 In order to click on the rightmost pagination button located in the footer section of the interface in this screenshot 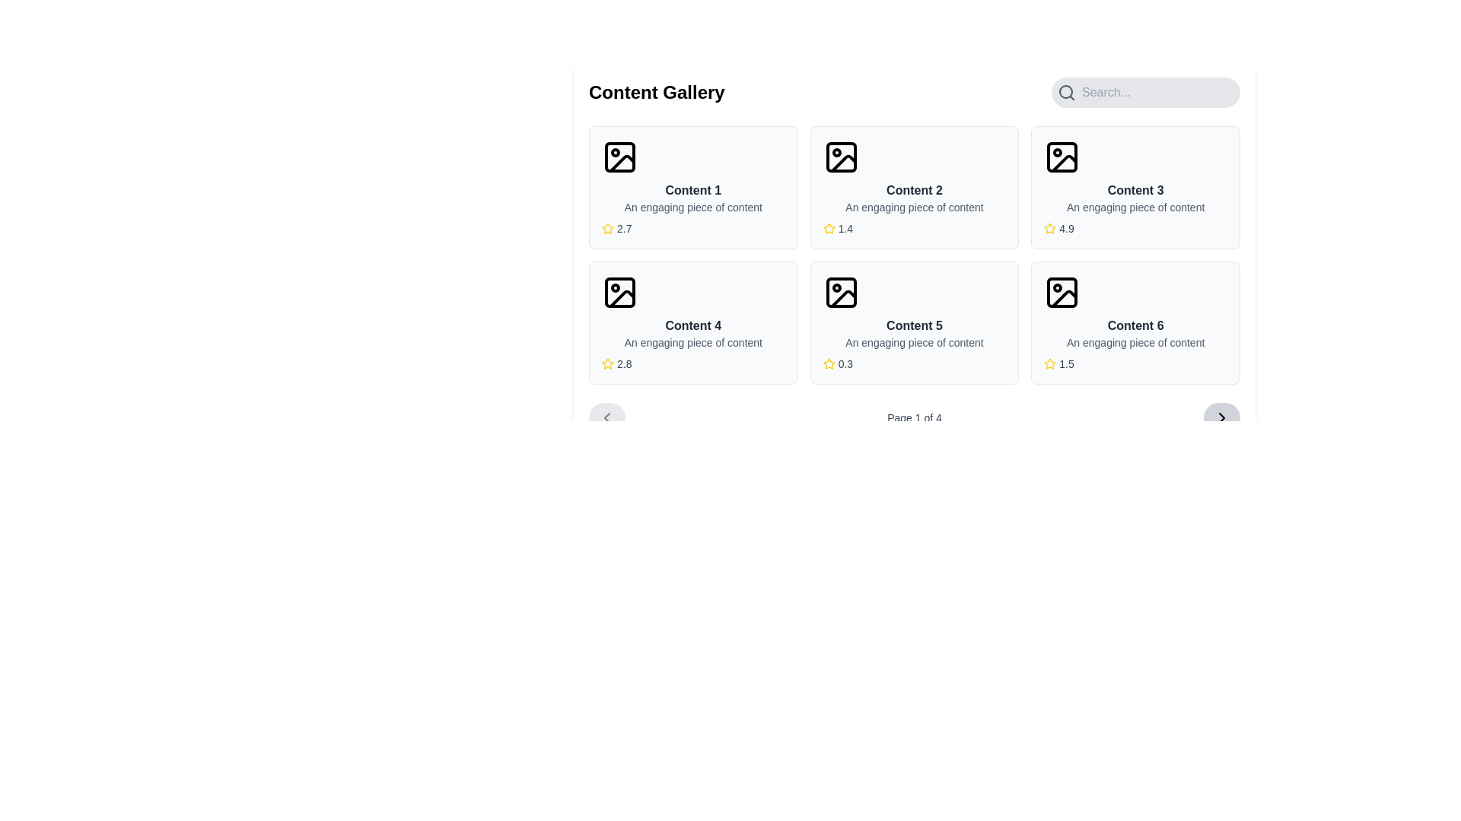, I will do `click(1222, 418)`.